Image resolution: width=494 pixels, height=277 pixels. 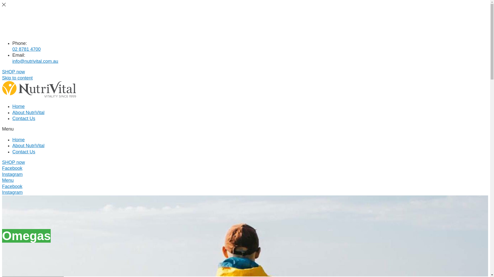 I want to click on 'Facebook', so click(x=12, y=168).